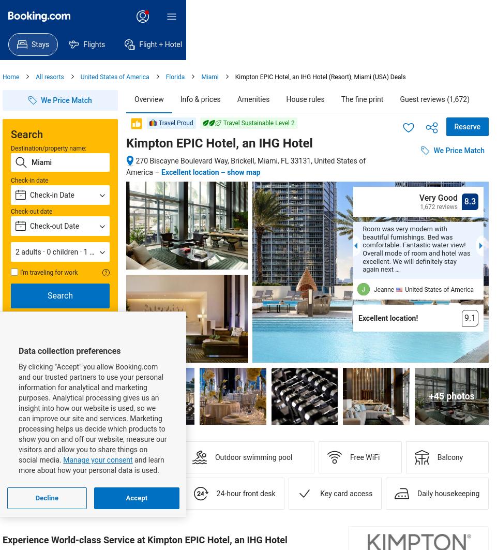  What do you see at coordinates (48, 456) in the screenshot?
I see `'City view'` at bounding box center [48, 456].